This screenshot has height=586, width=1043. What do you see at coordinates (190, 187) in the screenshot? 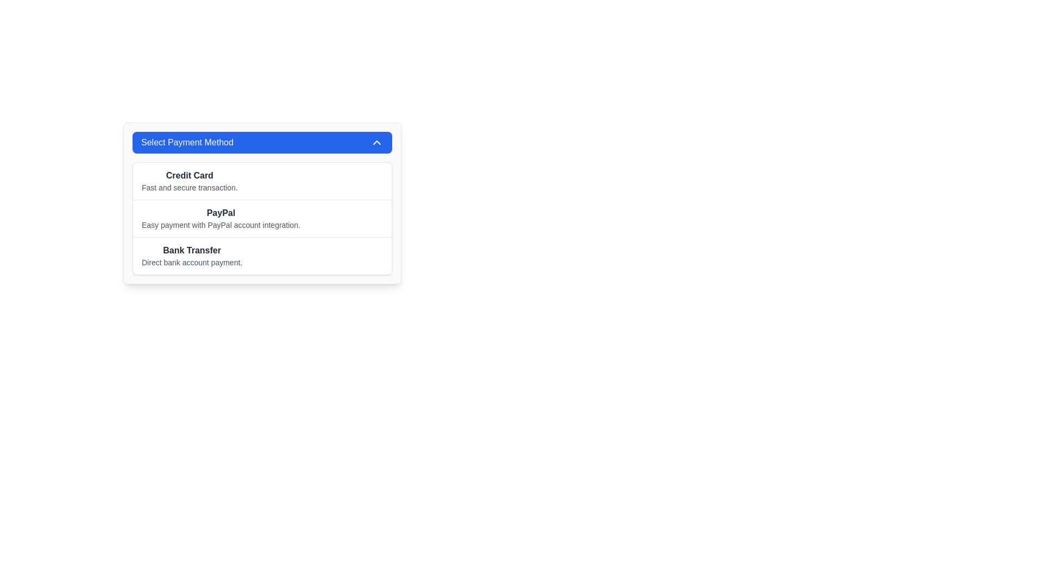
I see `the static text label displaying 'Fast and secure transaction.' located beneath the 'Credit Card' label in the 'Select Payment Method' section` at bounding box center [190, 187].